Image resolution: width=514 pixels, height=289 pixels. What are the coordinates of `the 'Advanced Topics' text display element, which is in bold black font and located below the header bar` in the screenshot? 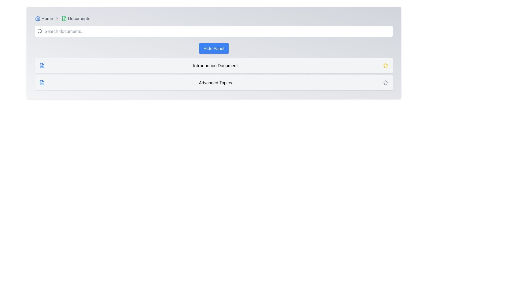 It's located at (216, 82).